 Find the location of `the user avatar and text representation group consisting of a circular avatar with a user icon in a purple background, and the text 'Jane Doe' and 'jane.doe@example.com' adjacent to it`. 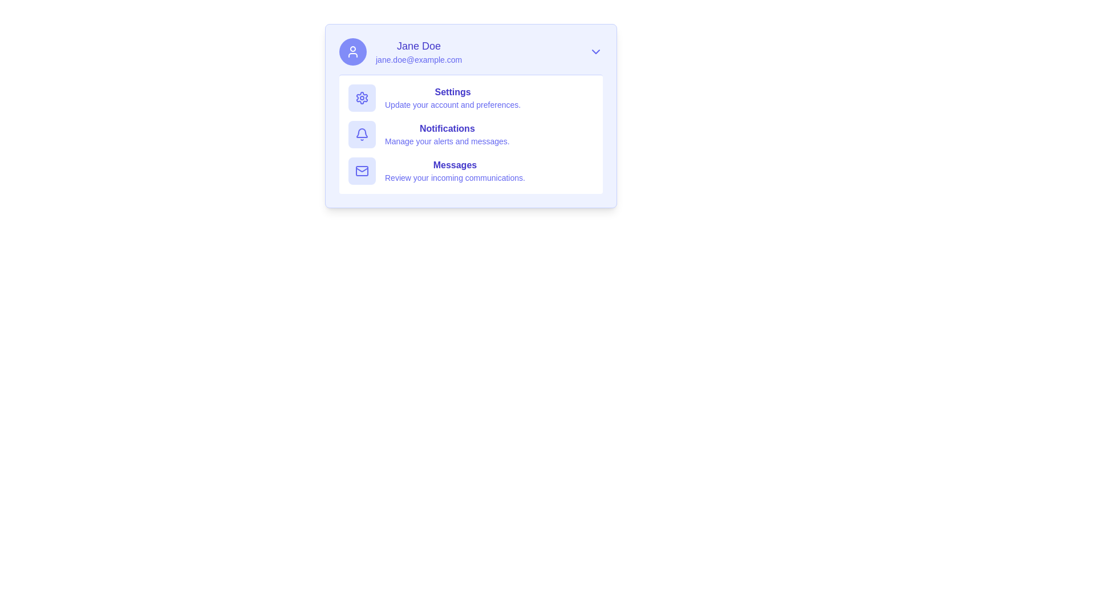

the user avatar and text representation group consisting of a circular avatar with a user icon in a purple background, and the text 'Jane Doe' and 'jane.doe@example.com' adjacent to it is located at coordinates (400, 52).